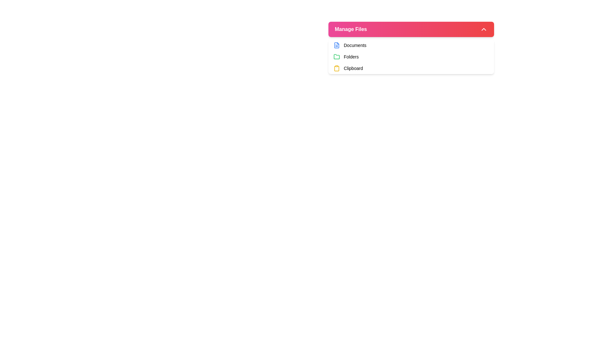 This screenshot has height=345, width=614. Describe the element at coordinates (411, 56) in the screenshot. I see `the categorized navigation link, which is the second item in the dropdown menu, located below 'Documents' and above 'Clipboard'` at that location.